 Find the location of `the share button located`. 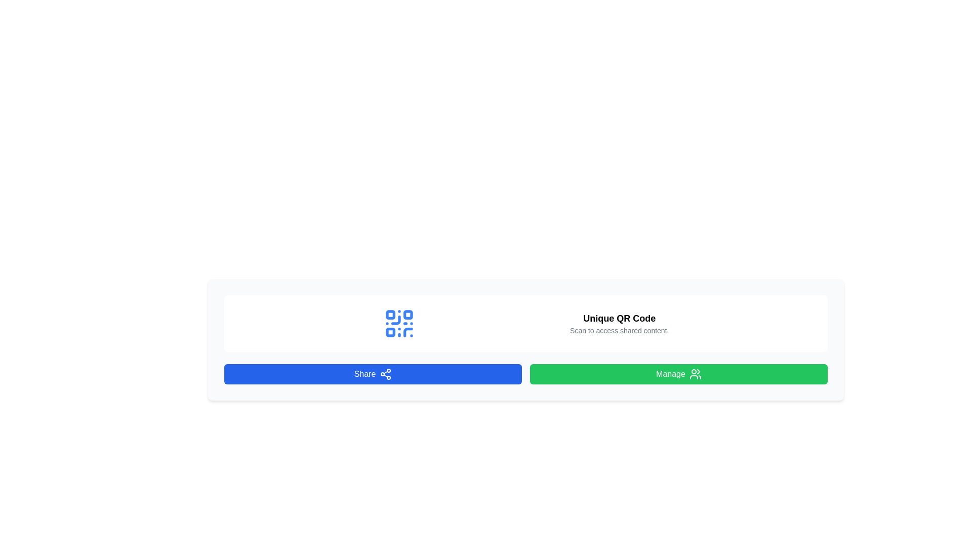

the share button located is located at coordinates (373, 374).